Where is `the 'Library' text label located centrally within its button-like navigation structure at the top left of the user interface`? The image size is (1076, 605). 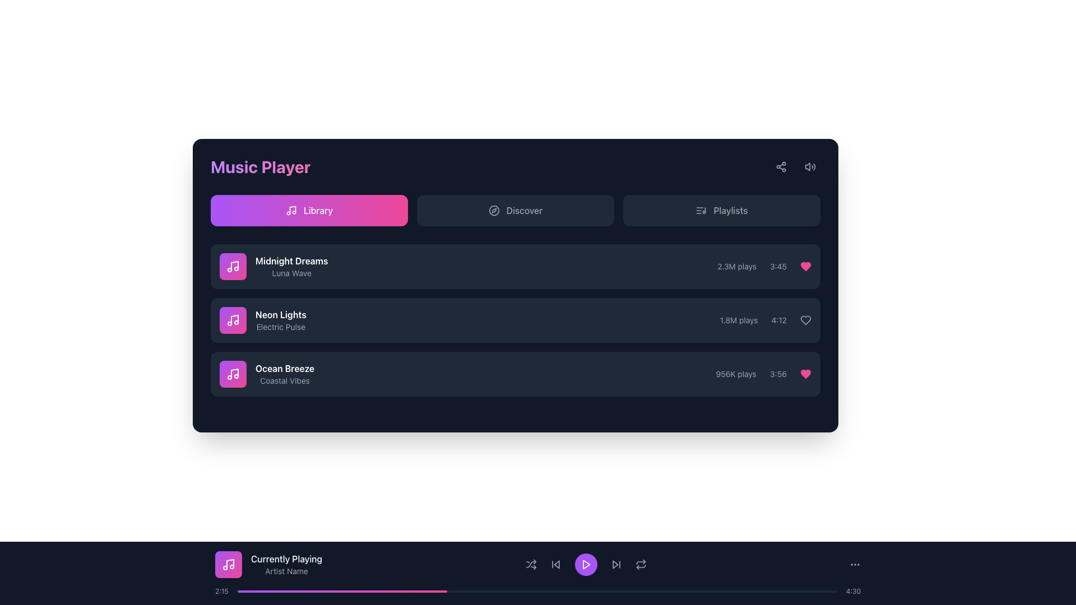 the 'Library' text label located centrally within its button-like navigation structure at the top left of the user interface is located at coordinates (317, 210).